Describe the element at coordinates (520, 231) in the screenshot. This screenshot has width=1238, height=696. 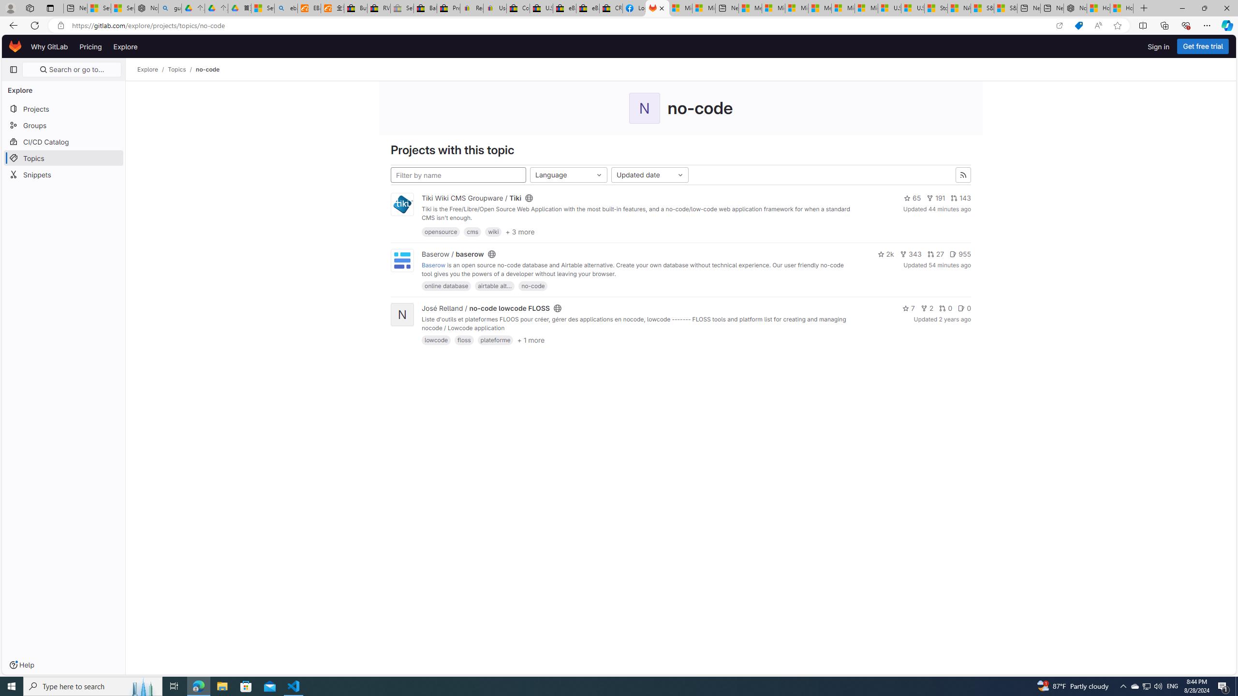
I see `'+ 3 more'` at that location.